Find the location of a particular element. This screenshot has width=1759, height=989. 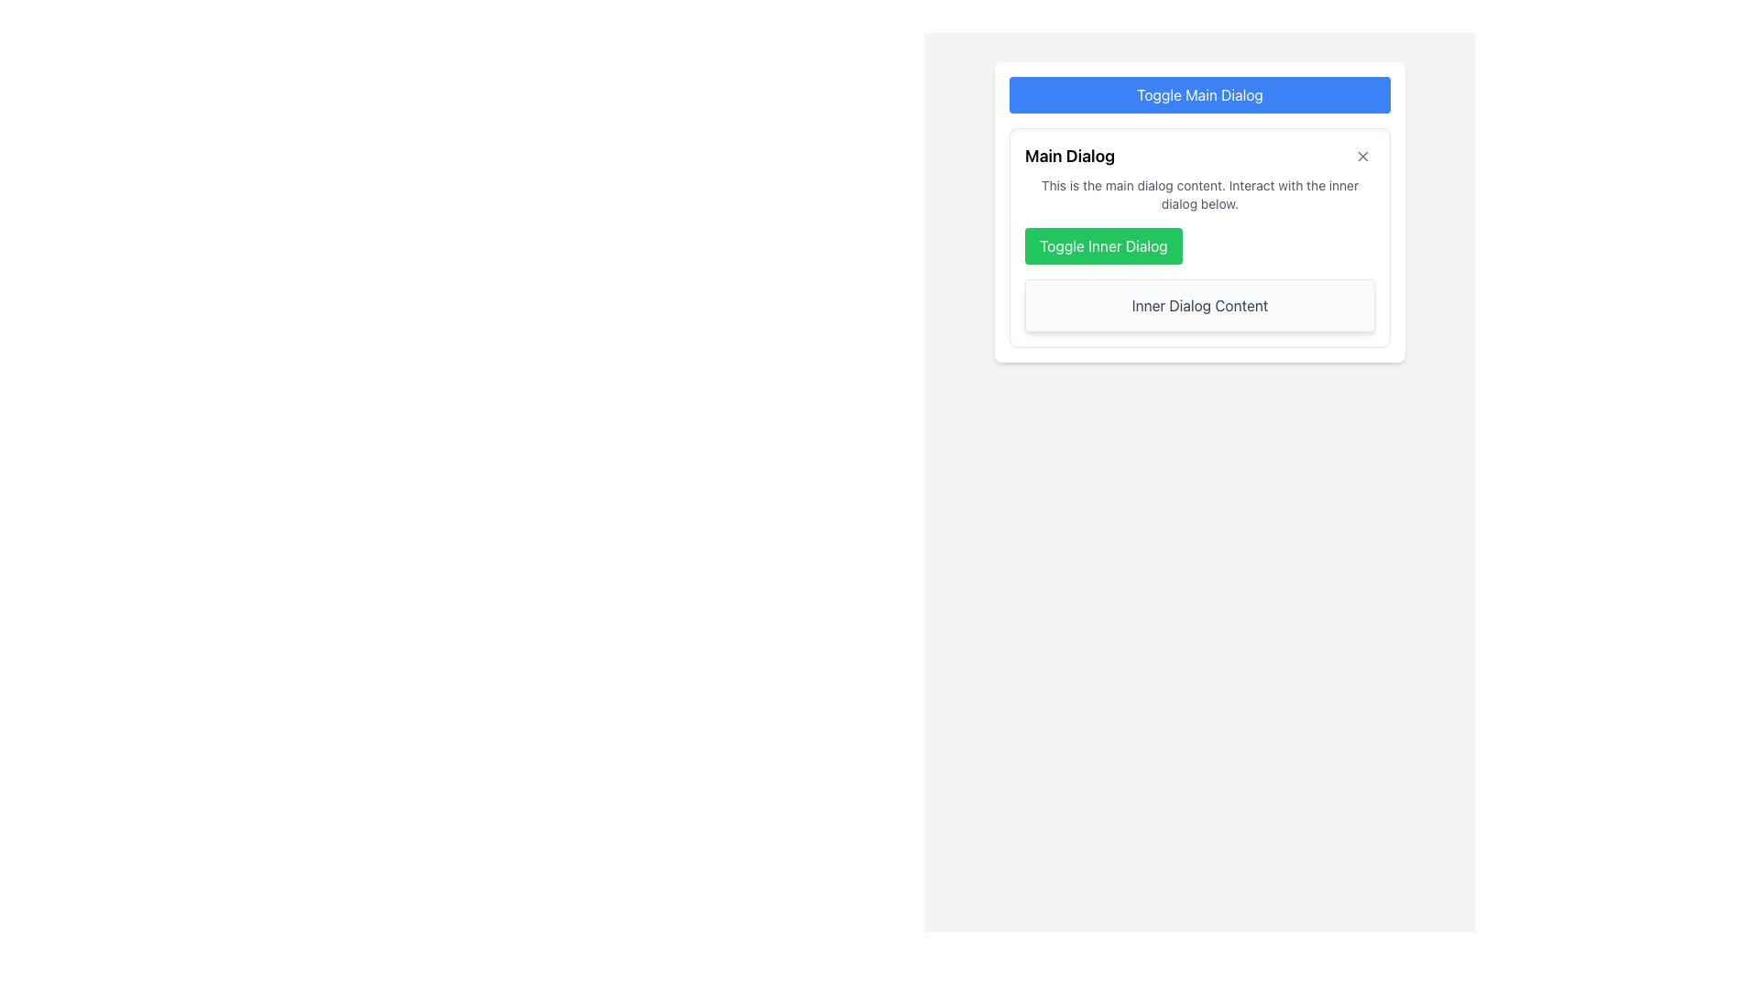

the toggle button located at the top of the white card is located at coordinates (1200, 95).